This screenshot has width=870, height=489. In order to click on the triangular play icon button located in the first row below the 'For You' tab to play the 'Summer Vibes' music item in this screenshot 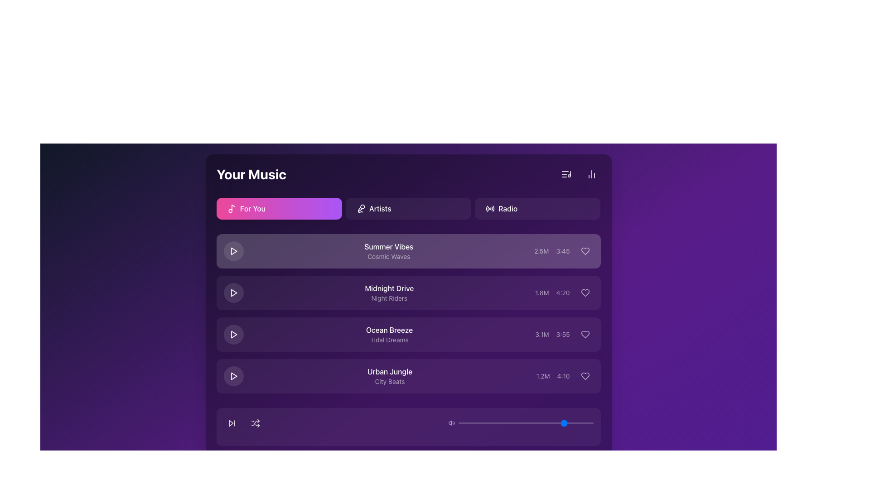, I will do `click(233, 251)`.